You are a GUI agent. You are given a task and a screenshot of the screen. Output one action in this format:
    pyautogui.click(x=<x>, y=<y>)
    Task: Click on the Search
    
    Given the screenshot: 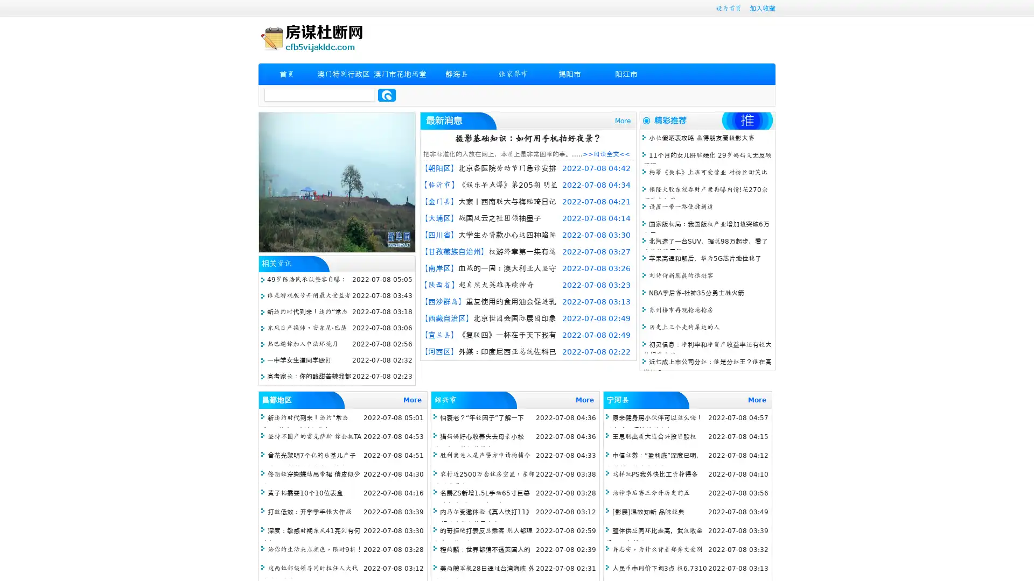 What is the action you would take?
    pyautogui.click(x=387, y=95)
    